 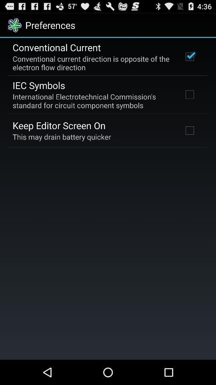 What do you see at coordinates (61, 137) in the screenshot?
I see `this may drain on the left` at bounding box center [61, 137].